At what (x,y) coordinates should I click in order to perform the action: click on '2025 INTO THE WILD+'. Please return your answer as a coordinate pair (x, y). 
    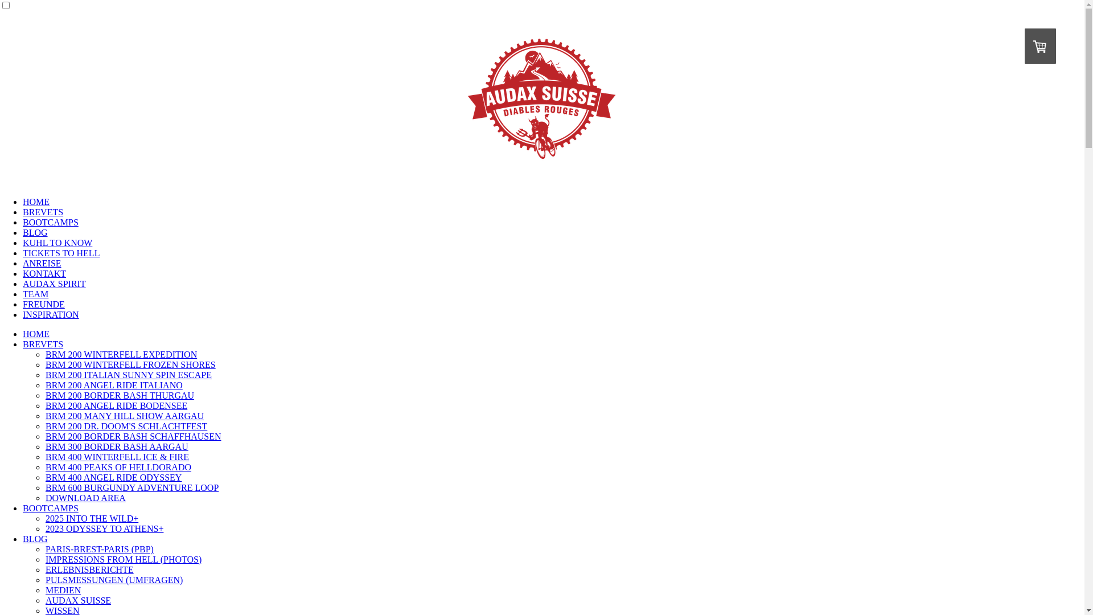
    Looking at the image, I should click on (92, 518).